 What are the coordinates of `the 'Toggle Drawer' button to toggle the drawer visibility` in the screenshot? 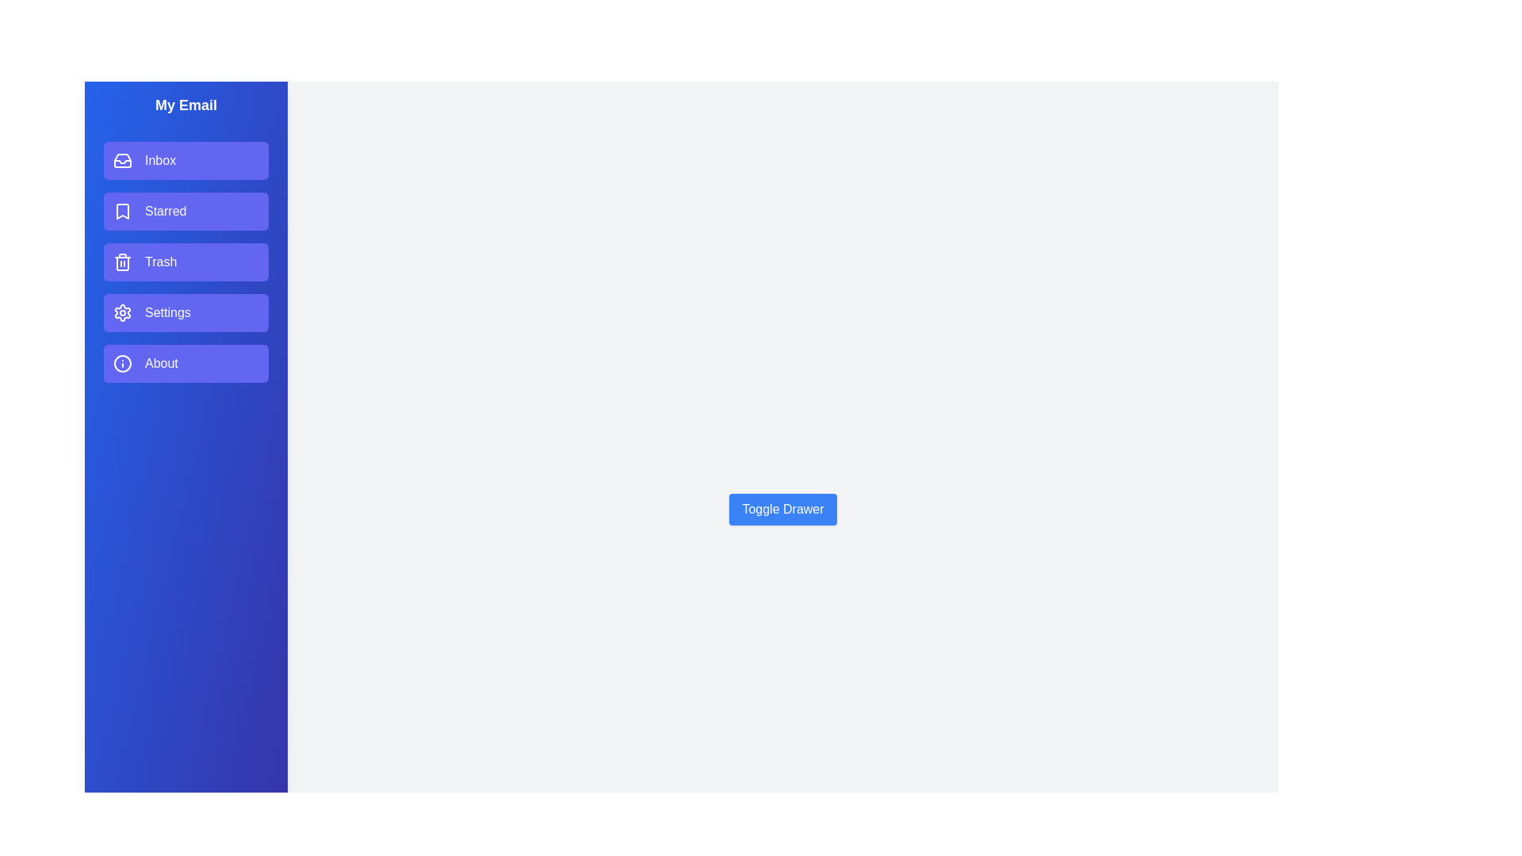 It's located at (783, 510).